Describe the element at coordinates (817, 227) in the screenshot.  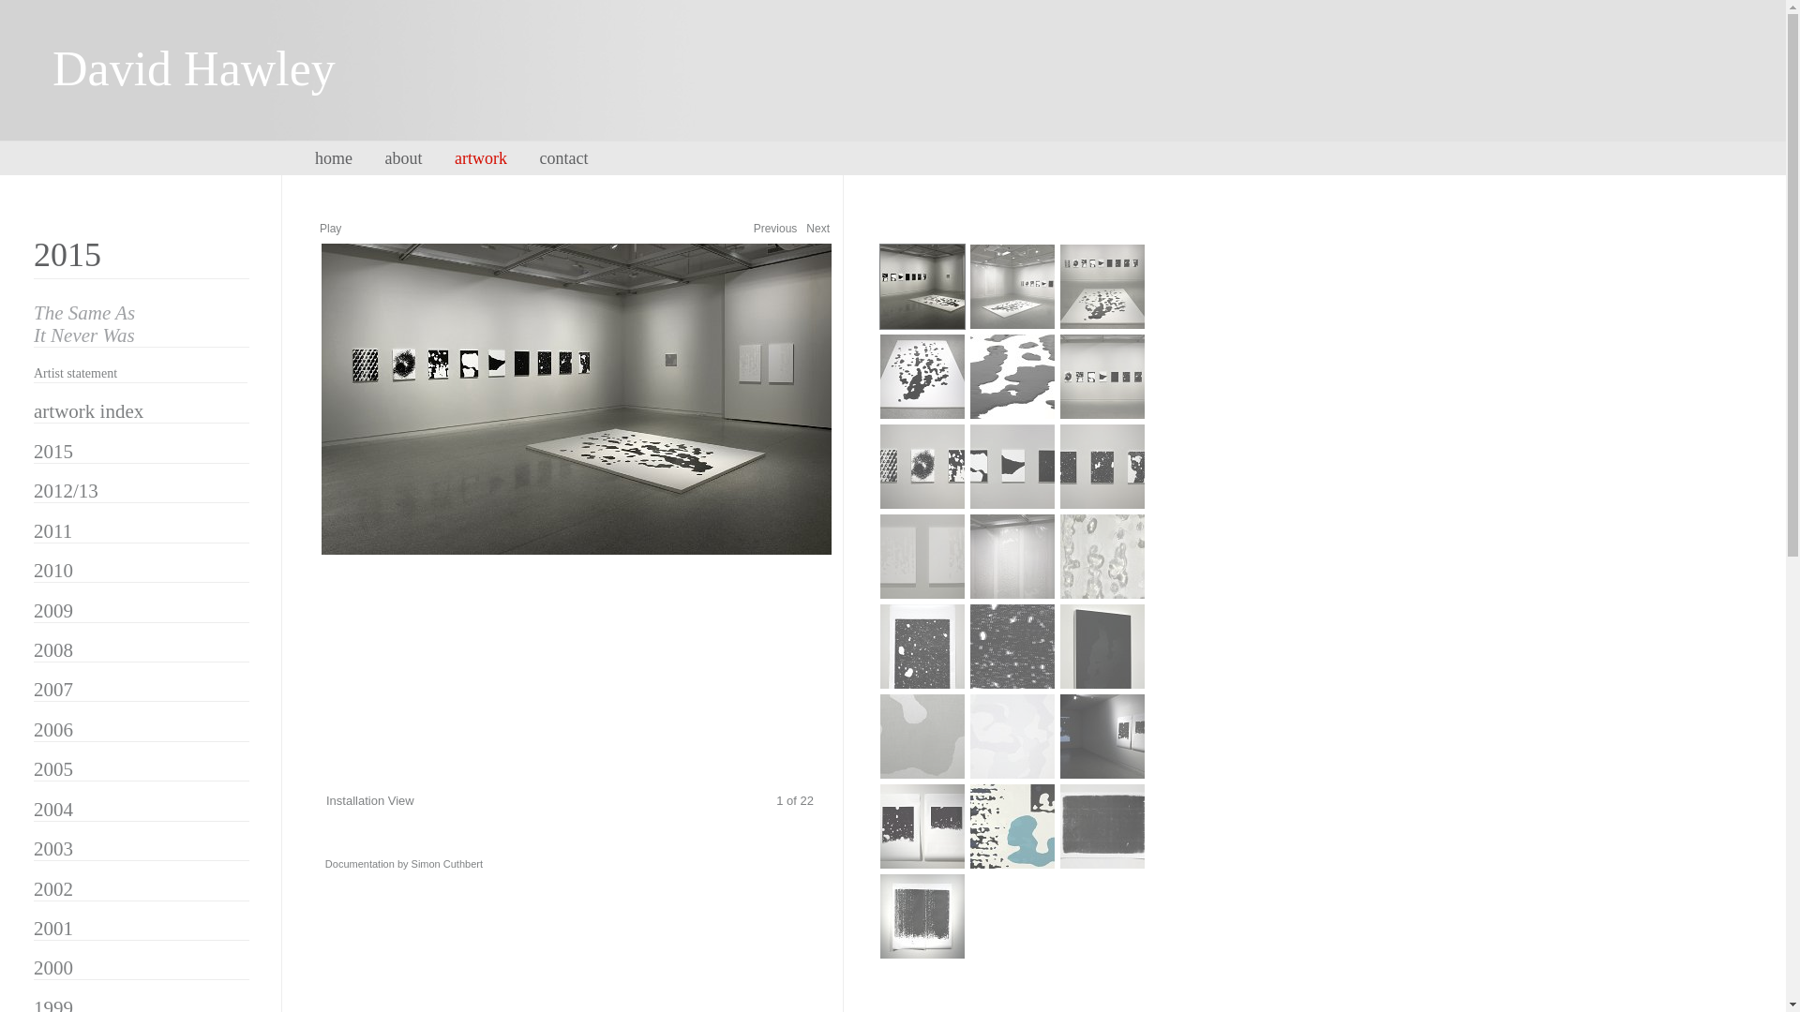
I see `'Next'` at that location.